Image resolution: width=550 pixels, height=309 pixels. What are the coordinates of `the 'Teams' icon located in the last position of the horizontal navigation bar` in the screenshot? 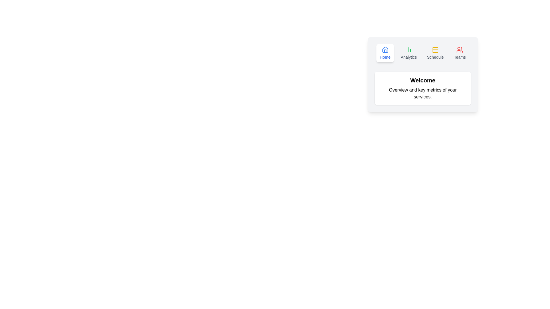 It's located at (460, 49).